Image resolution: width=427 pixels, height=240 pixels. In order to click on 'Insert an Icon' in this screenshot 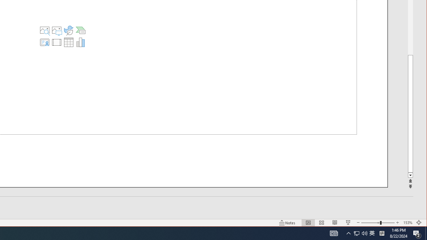, I will do `click(68, 30)`.